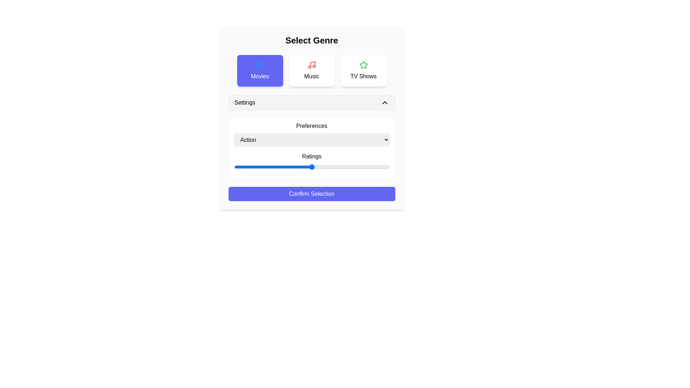 Image resolution: width=690 pixels, height=388 pixels. I want to click on the 'TV Shows' genre selection button located third from the left in the horizontal selection group at the top of the panel to trigger a hover effect, so click(363, 70).